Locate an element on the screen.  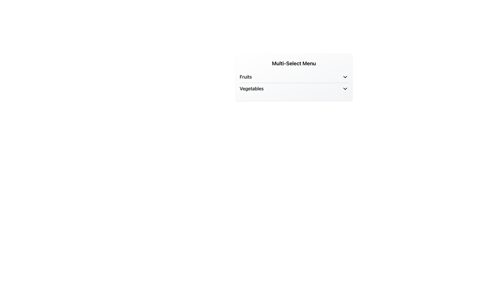
the static text label that serves as a section title for the multi-selection menu located at the top-center of the options 'Fruits' and 'Vegetables' is located at coordinates (294, 63).